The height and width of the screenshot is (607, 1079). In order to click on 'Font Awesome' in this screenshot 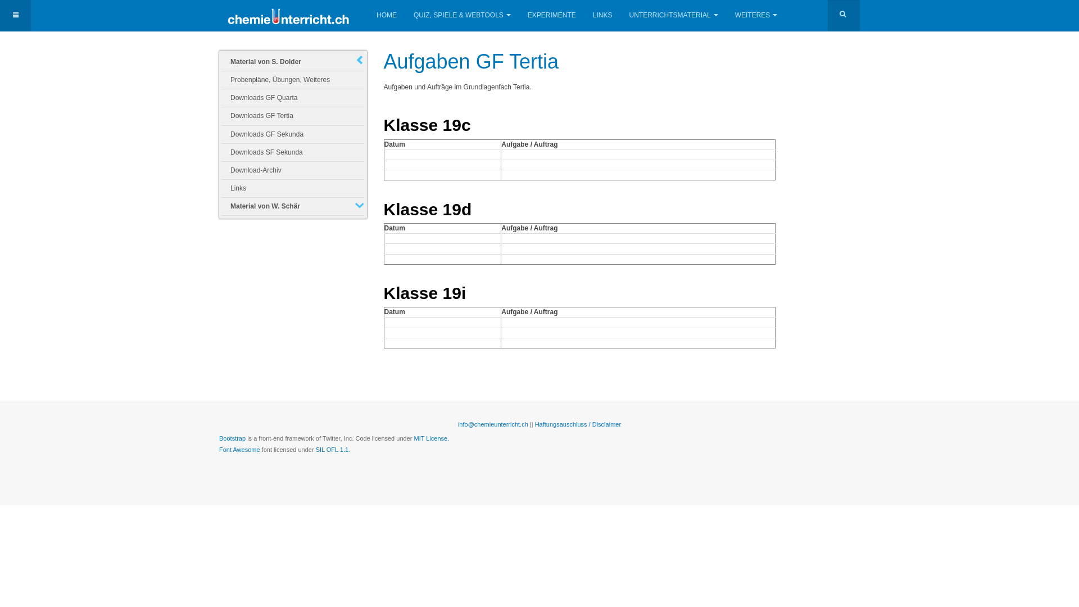, I will do `click(239, 449)`.